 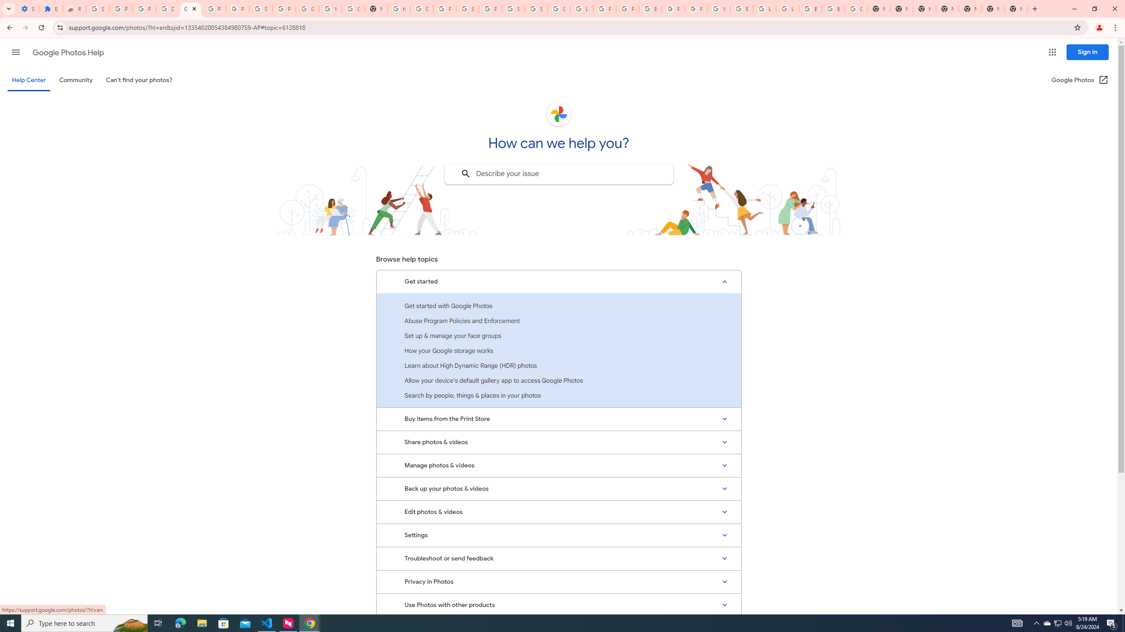 What do you see at coordinates (398, 8) in the screenshot?
I see `'https://scholar.google.com/'` at bounding box center [398, 8].